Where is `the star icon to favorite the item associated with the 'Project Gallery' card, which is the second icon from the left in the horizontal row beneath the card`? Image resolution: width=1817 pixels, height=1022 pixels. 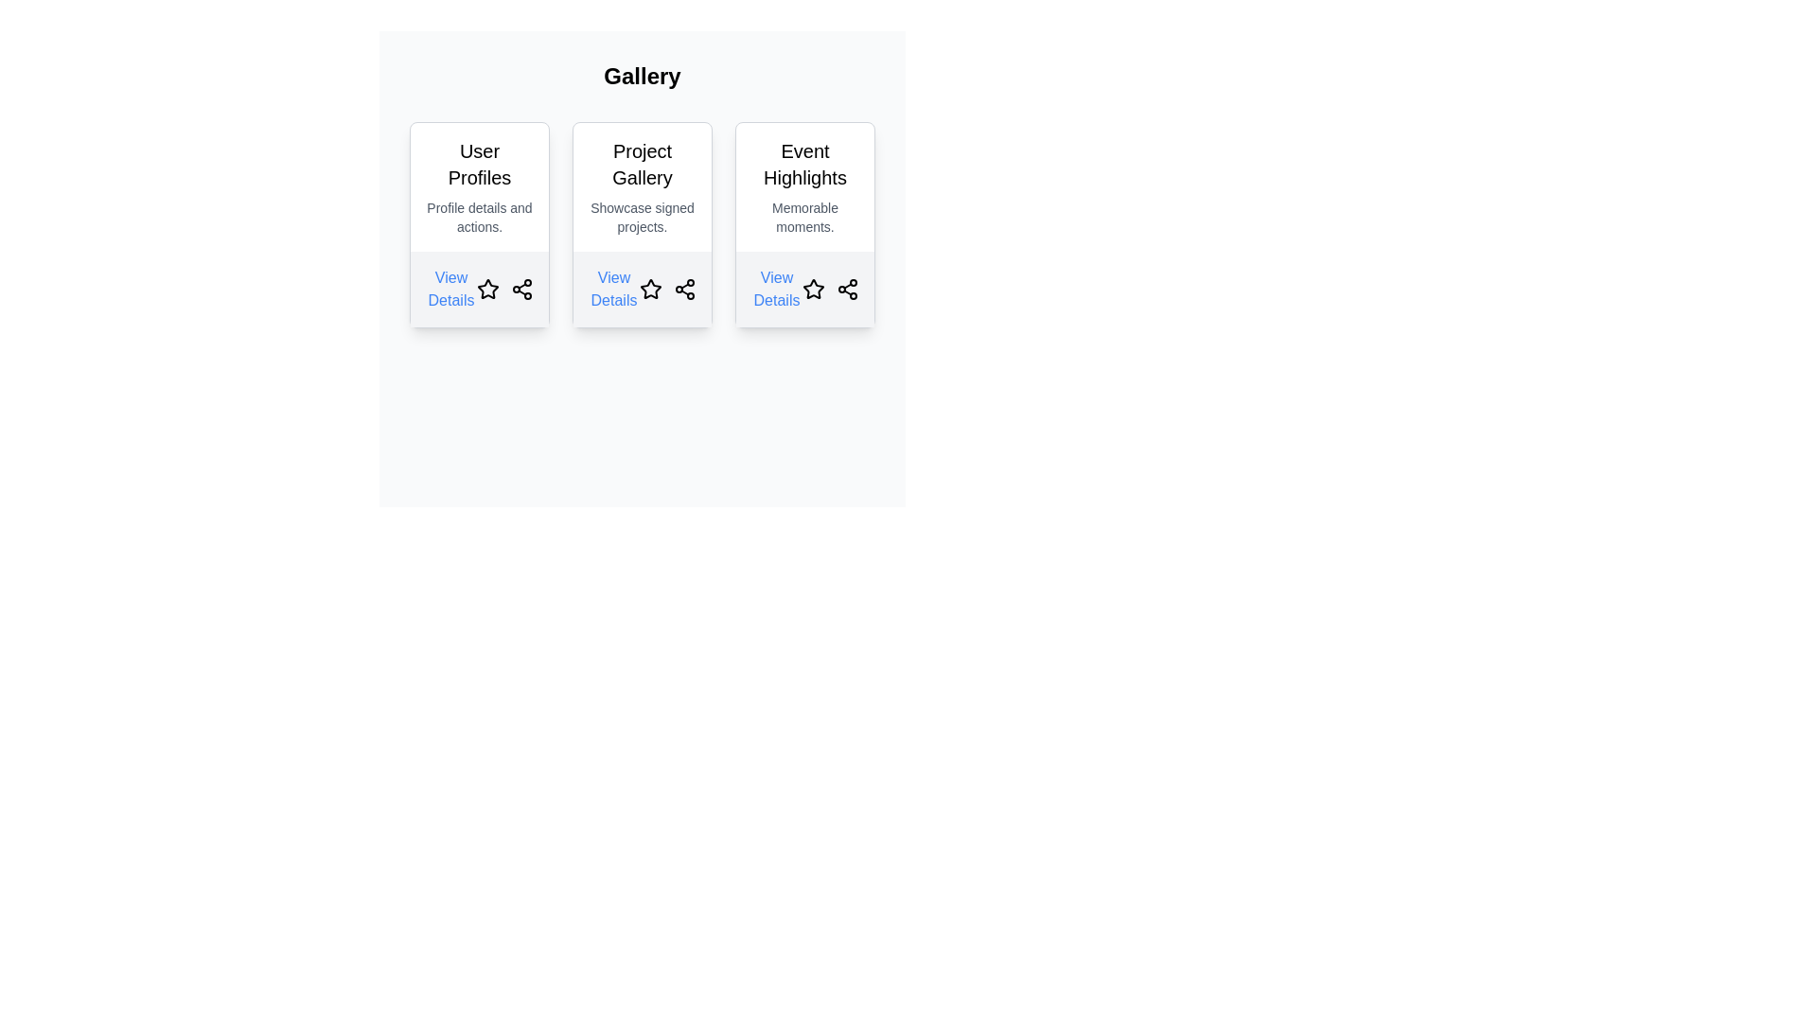
the star icon to favorite the item associated with the 'Project Gallery' card, which is the second icon from the left in the horizontal row beneath the card is located at coordinates (650, 289).